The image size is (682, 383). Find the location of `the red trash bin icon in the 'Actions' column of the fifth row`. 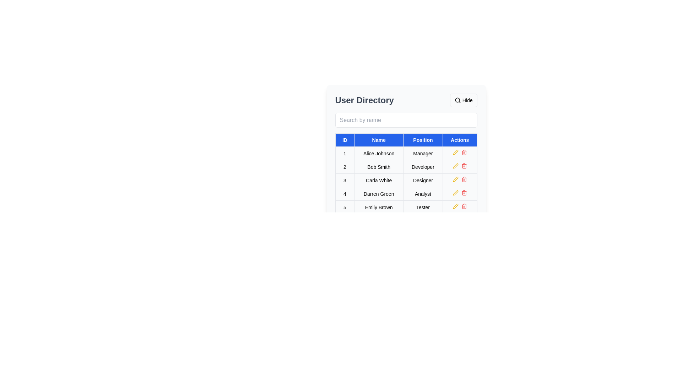

the red trash bin icon in the 'Actions' column of the fifth row is located at coordinates (464, 206).